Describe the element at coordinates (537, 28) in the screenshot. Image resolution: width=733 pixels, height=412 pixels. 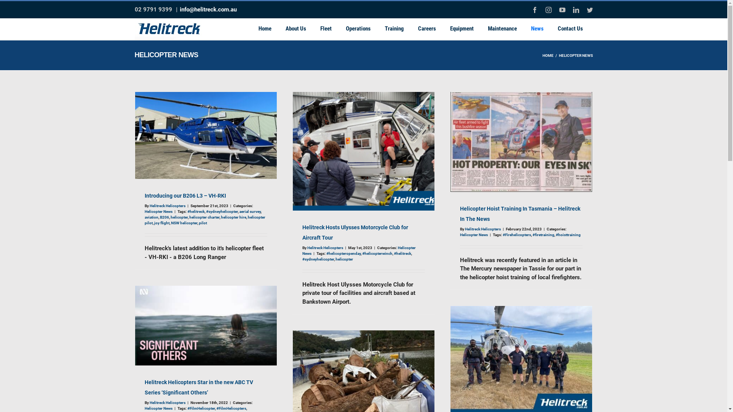
I see `'News'` at that location.